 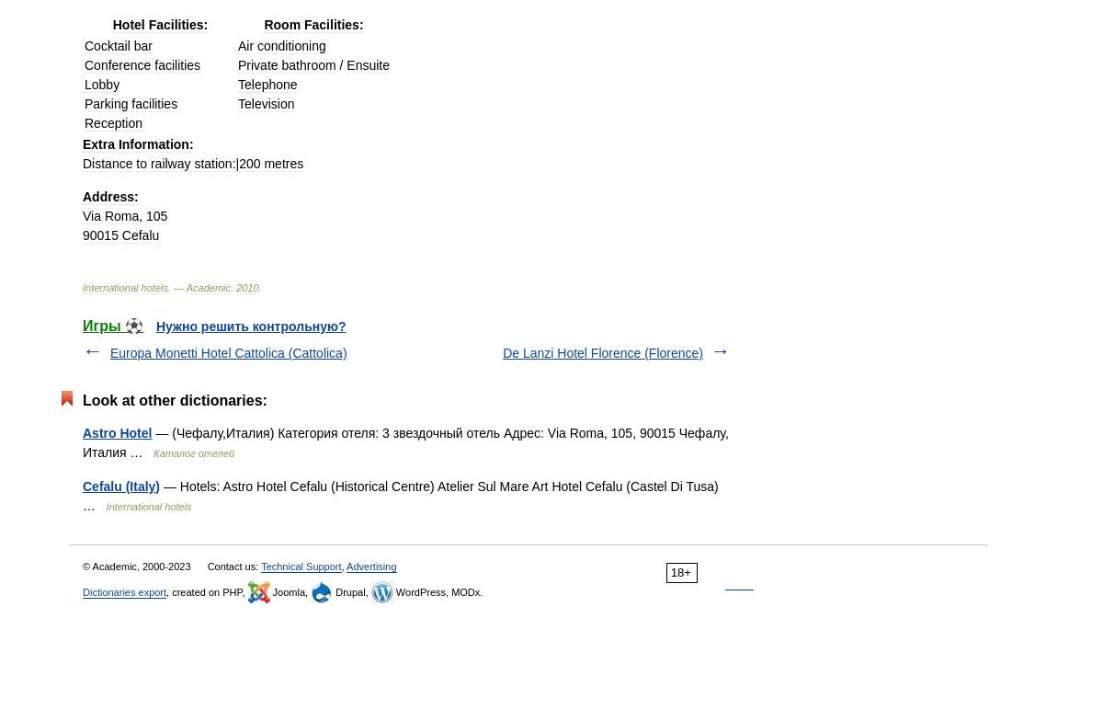 I want to click on 'Dictionaries export', so click(x=124, y=592).